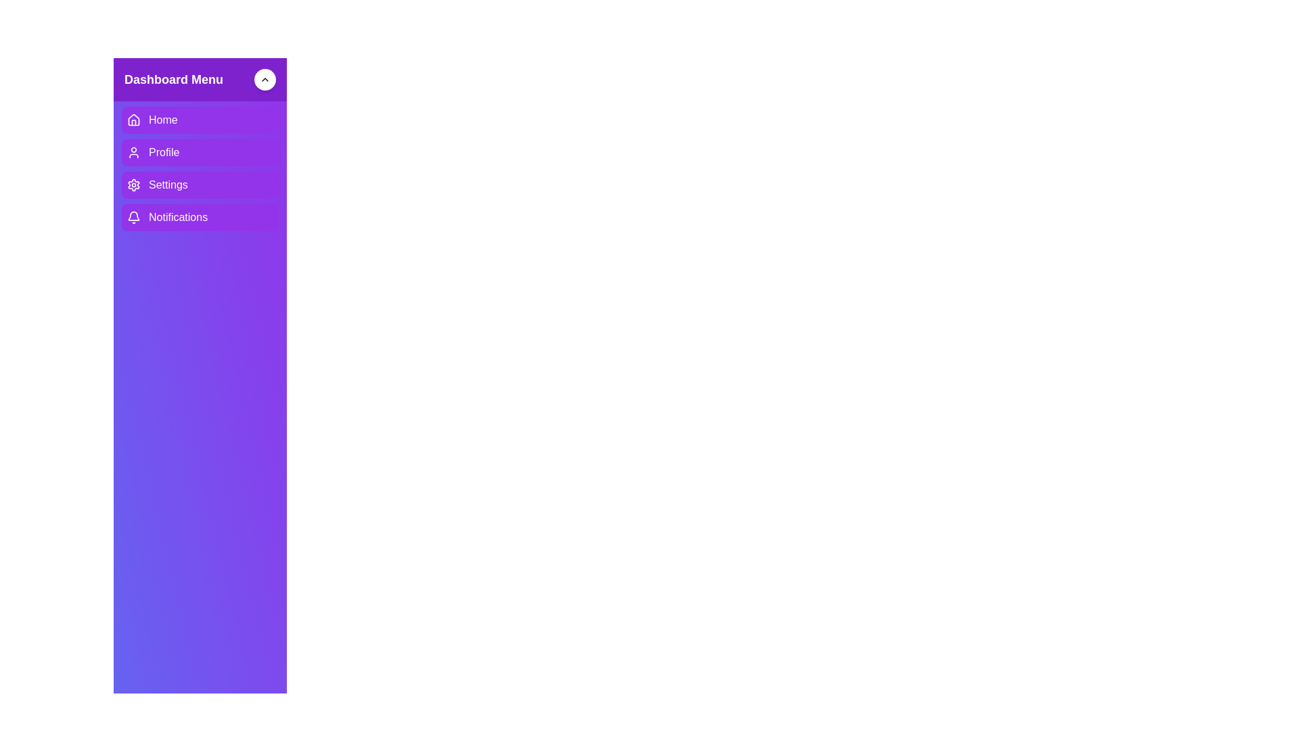 This screenshot has width=1299, height=730. I want to click on the bell icon next to the 'Notifications' label, which is located within a purple rounded rectangle in the lower section of the vertical dashboard menu, so click(133, 216).